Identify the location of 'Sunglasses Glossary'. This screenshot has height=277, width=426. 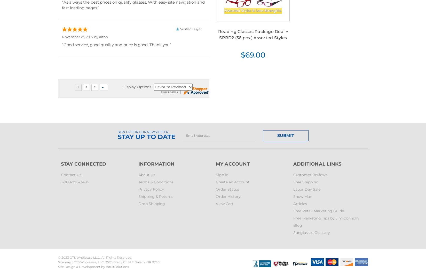
(311, 232).